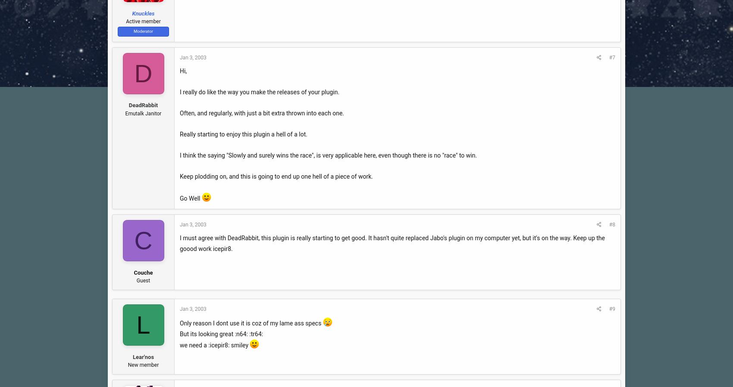 The width and height of the screenshot is (733, 387). Describe the element at coordinates (143, 105) in the screenshot. I see `'DeadRabbit'` at that location.